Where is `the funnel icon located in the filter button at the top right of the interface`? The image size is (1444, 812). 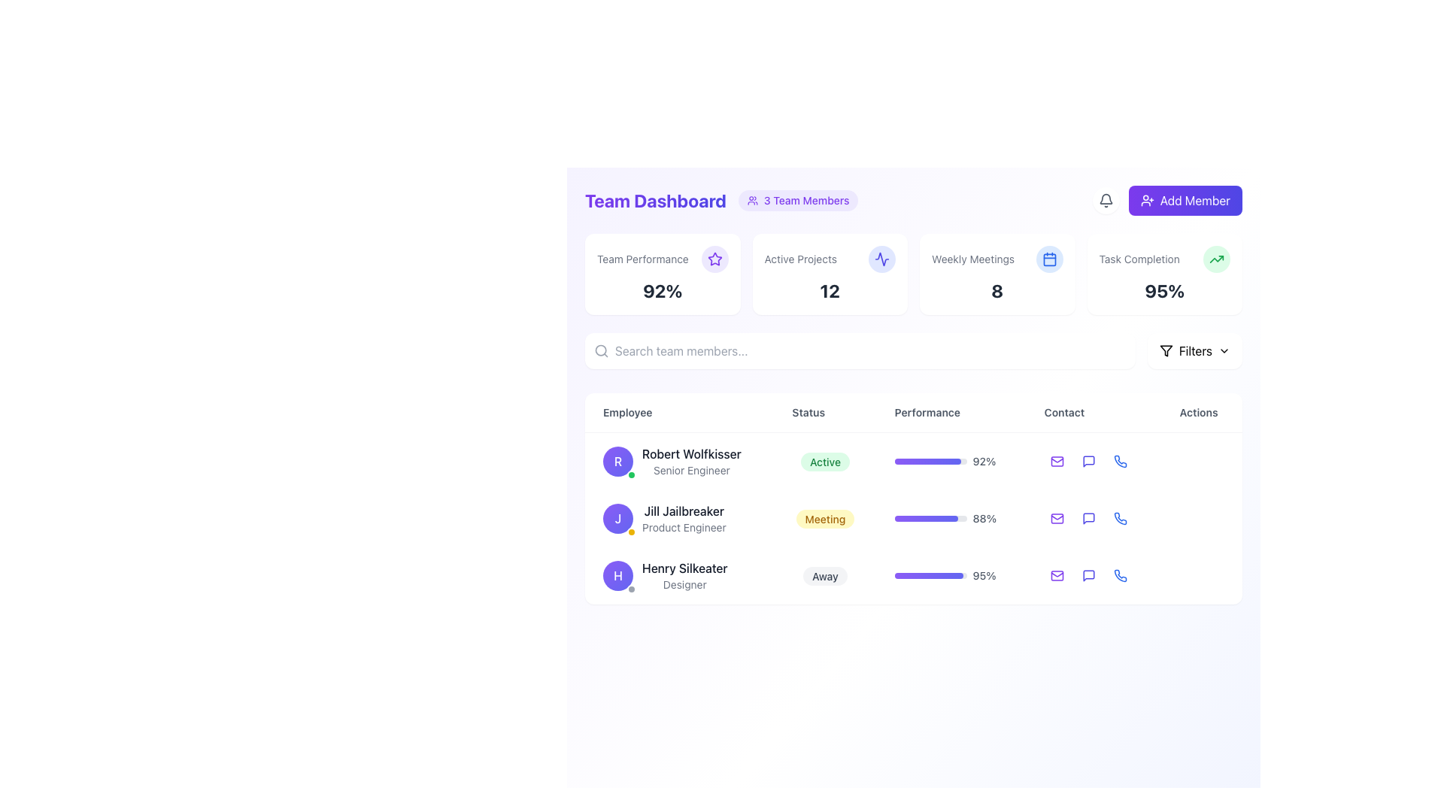
the funnel icon located in the filter button at the top right of the interface is located at coordinates (1165, 350).